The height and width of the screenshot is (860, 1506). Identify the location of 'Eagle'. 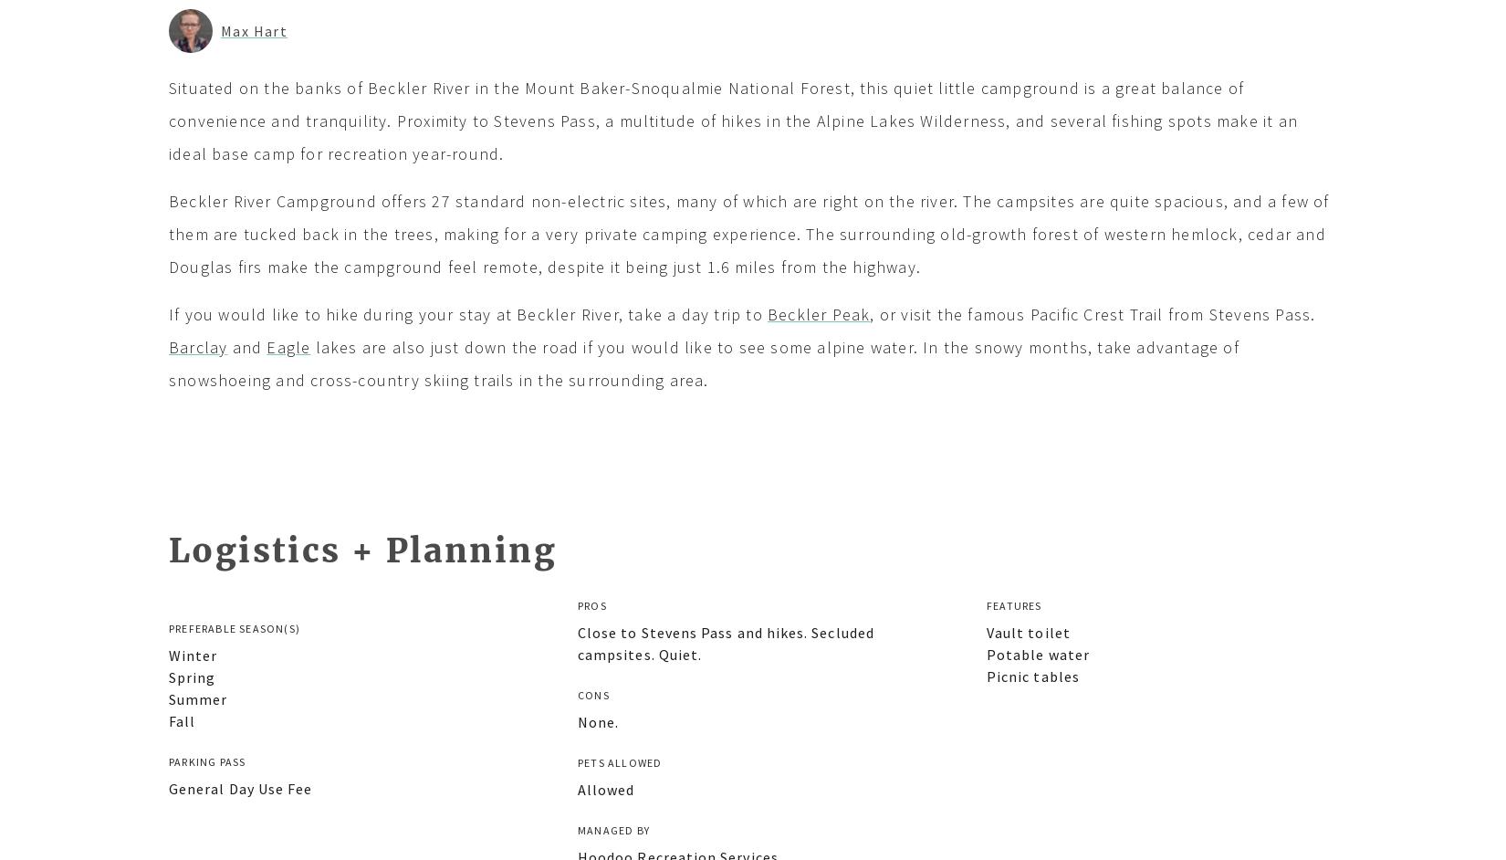
(288, 346).